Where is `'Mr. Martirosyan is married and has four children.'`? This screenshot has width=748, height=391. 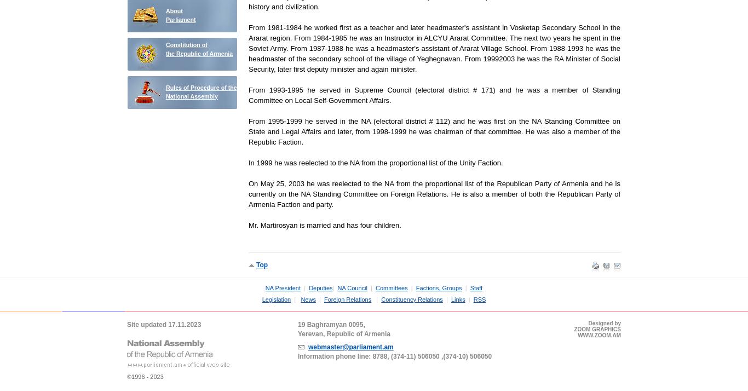 'Mr. Martirosyan is married and has four children.' is located at coordinates (324, 225).